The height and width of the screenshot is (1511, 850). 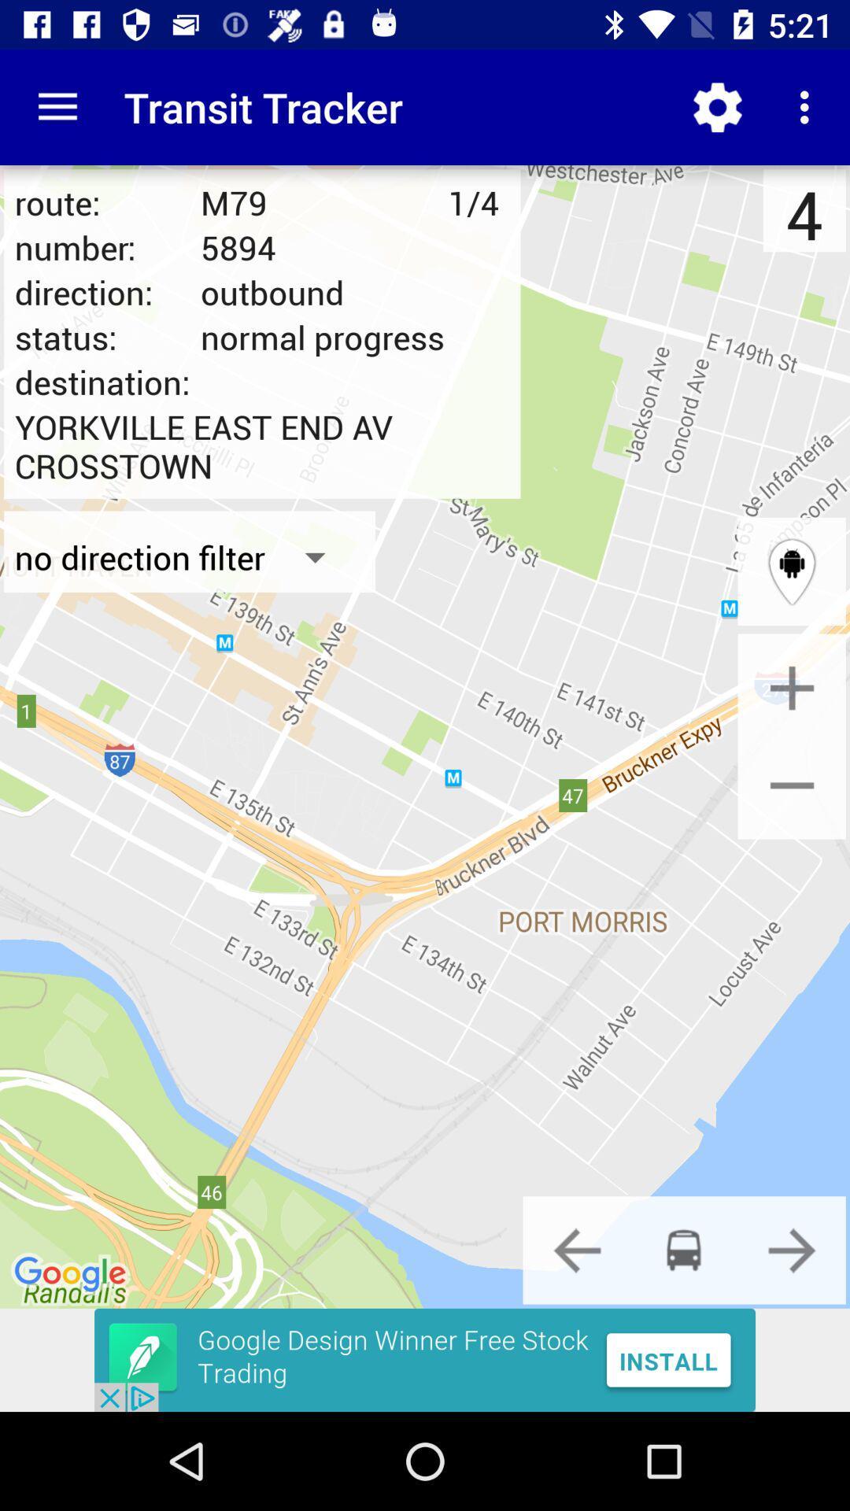 I want to click on the arrow_backward icon, so click(x=577, y=1249).